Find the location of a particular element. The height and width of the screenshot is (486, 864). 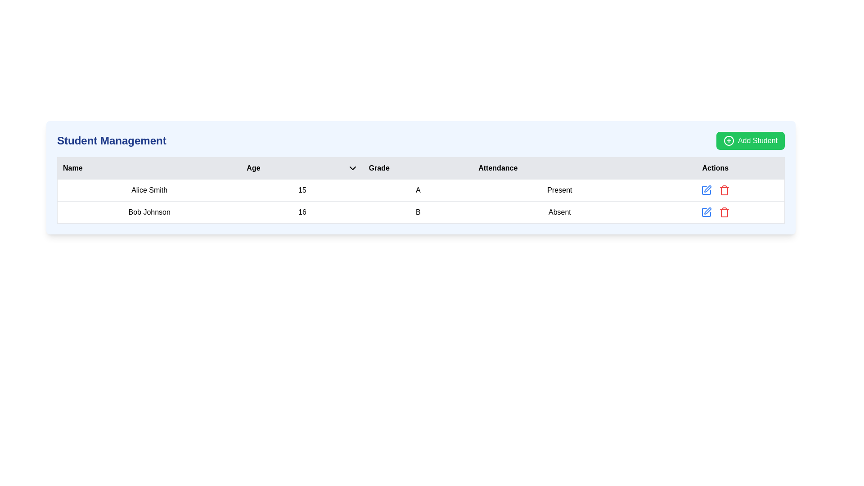

the button located at the top-right corner of the 'Student Management' section to initiate adding a new student is located at coordinates (750, 140).